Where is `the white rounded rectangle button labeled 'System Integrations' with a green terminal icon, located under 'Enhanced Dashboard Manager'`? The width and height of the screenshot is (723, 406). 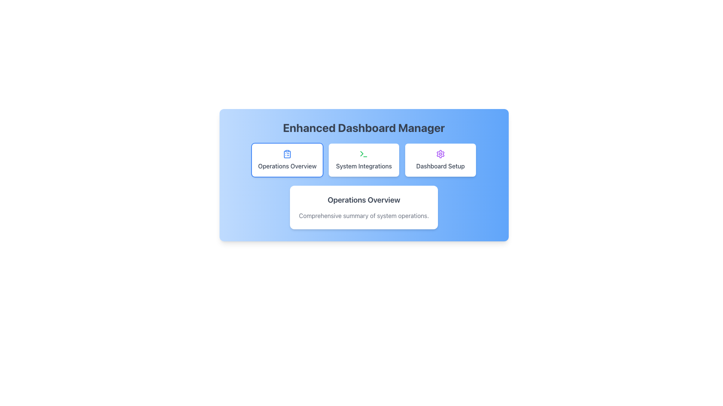 the white rounded rectangle button labeled 'System Integrations' with a green terminal icon, located under 'Enhanced Dashboard Manager' is located at coordinates (364, 159).